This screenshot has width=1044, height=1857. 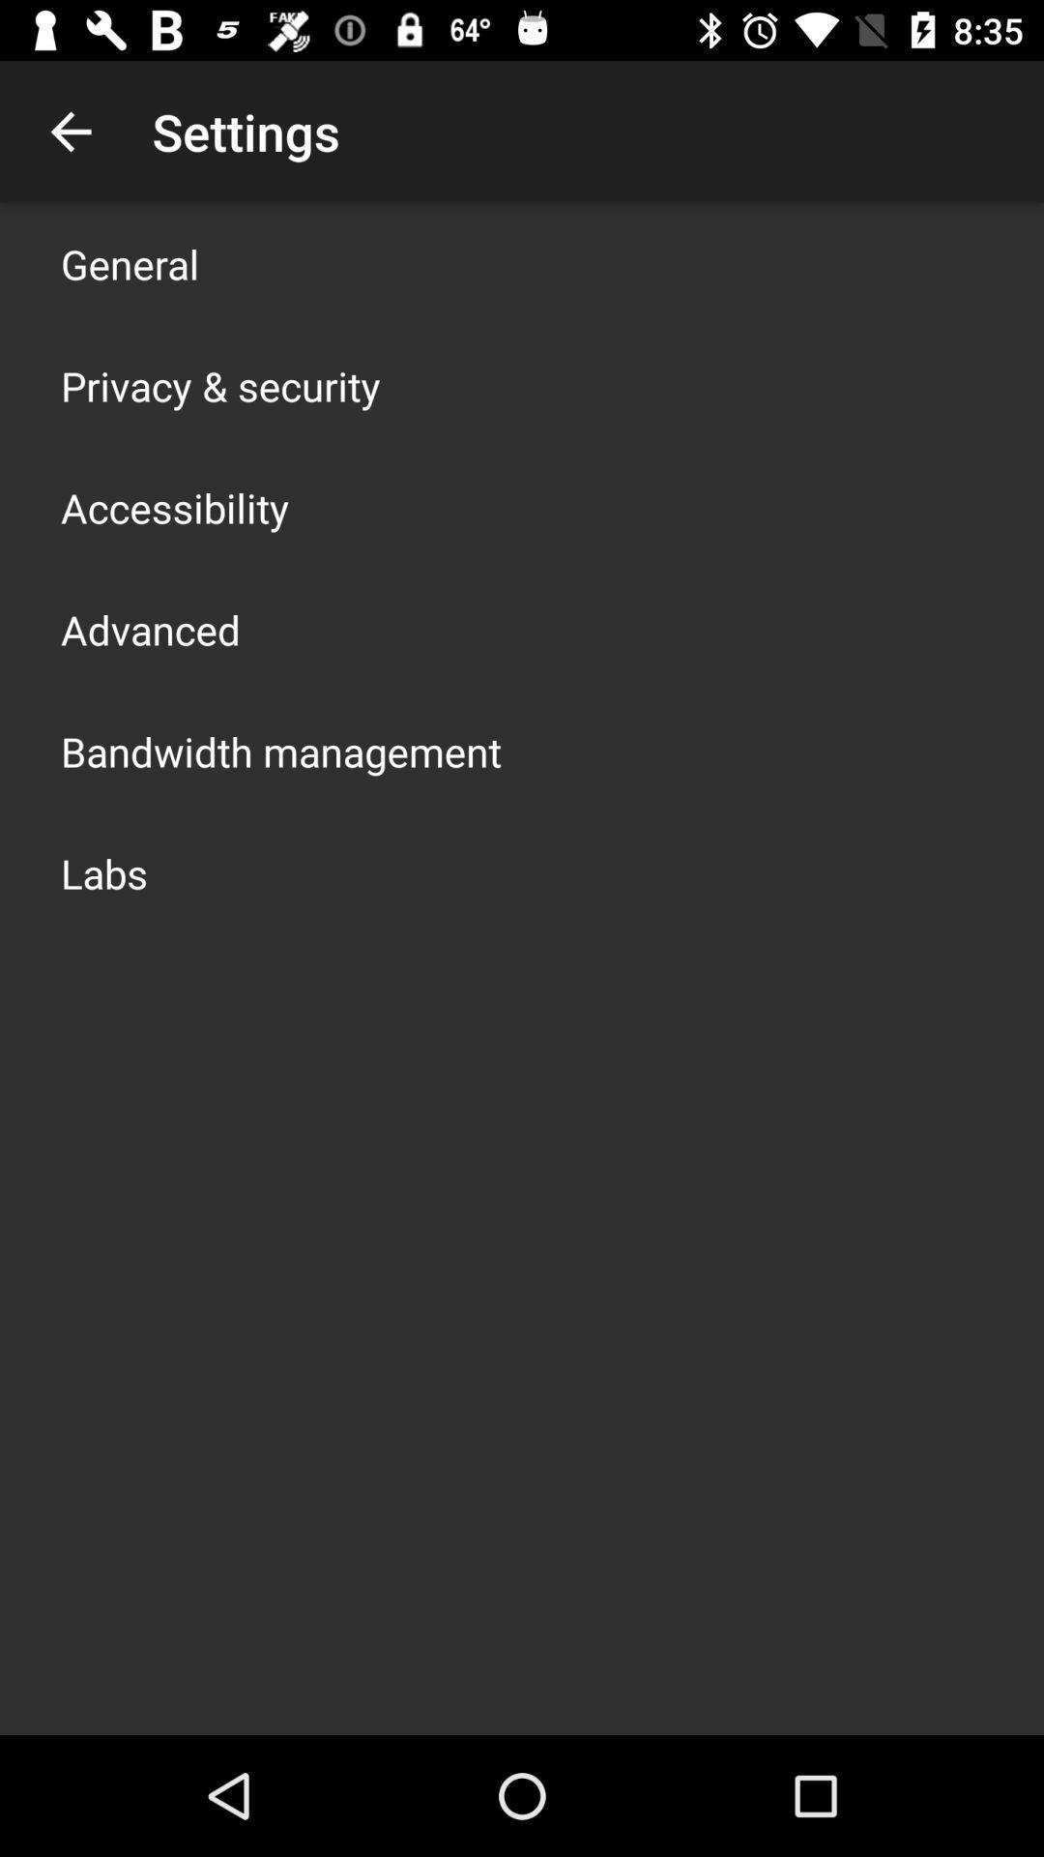 I want to click on the icon below the privacy & security app, so click(x=175, y=507).